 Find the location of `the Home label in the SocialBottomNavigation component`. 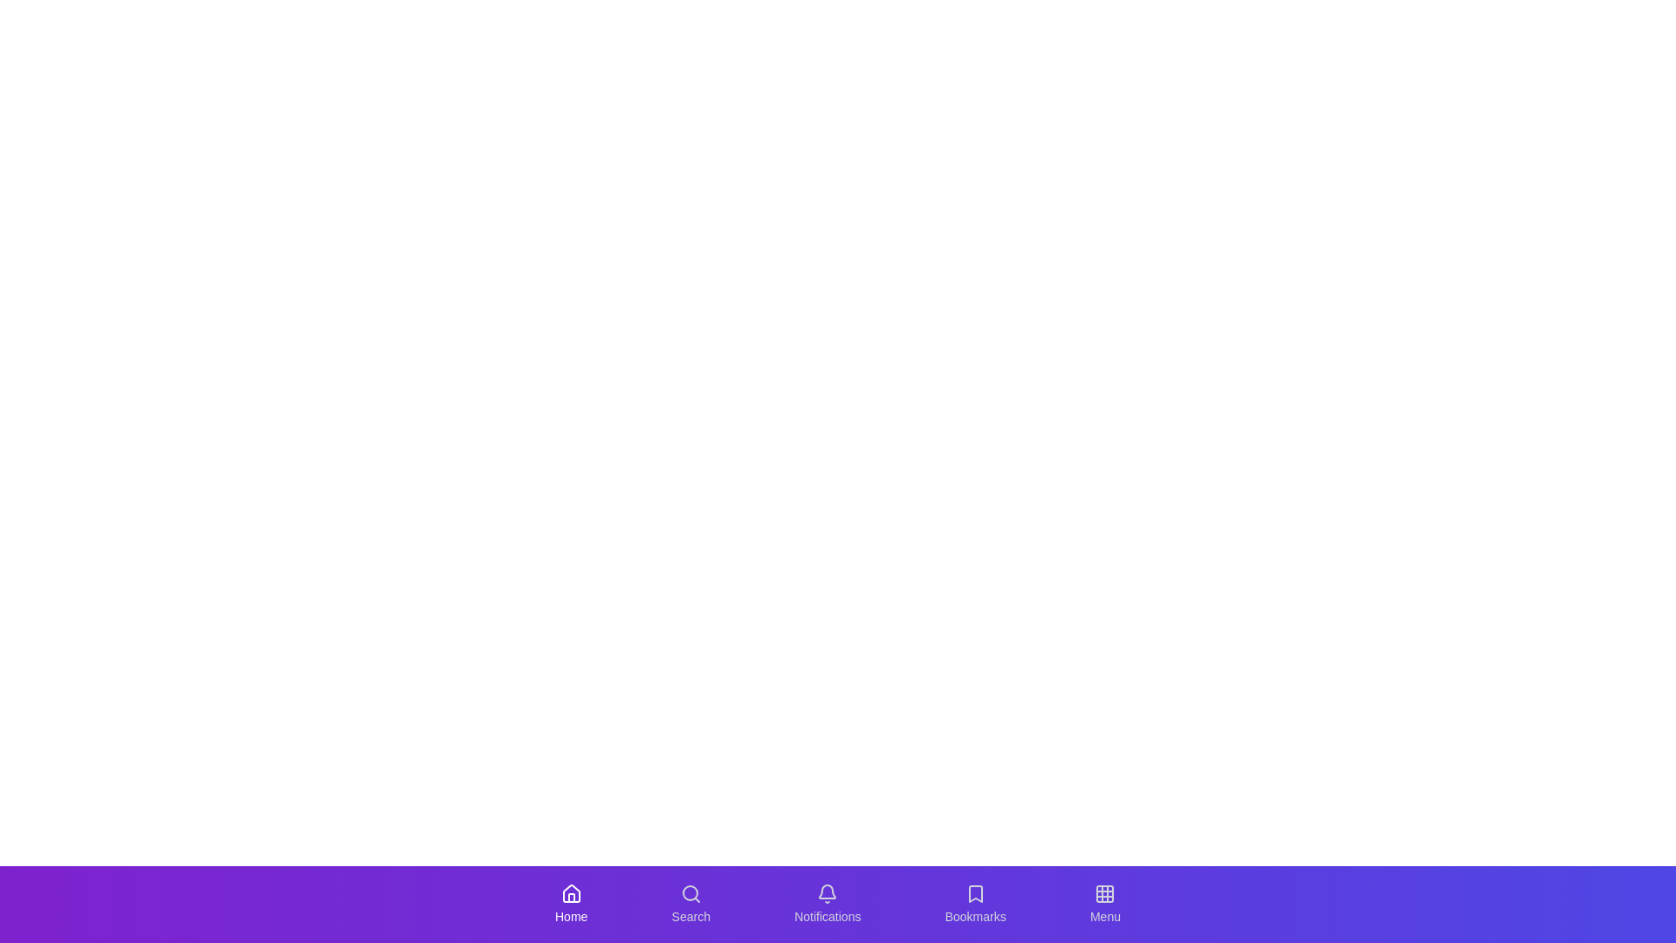

the Home label in the SocialBottomNavigation component is located at coordinates (571, 915).